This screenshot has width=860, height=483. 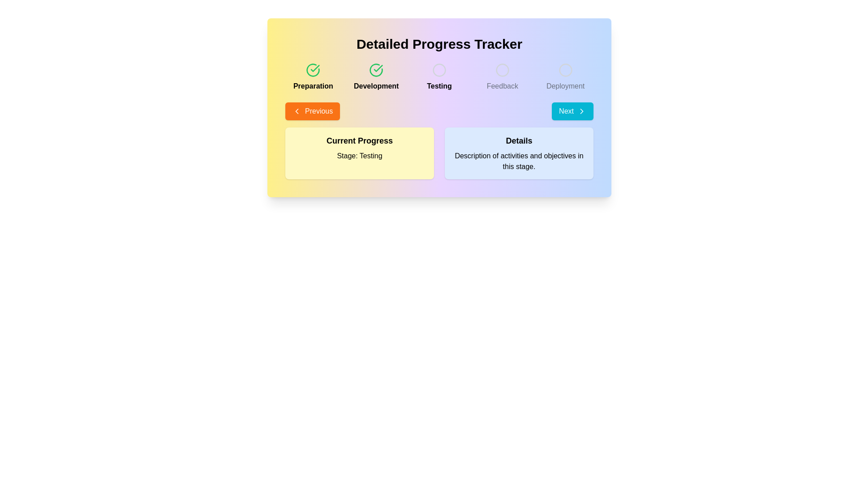 What do you see at coordinates (376, 86) in the screenshot?
I see `the 'Development' text label, which is styled in bold and located beneath a green check icon as the second stage label in a horizontal sequence of stage indicators` at bounding box center [376, 86].